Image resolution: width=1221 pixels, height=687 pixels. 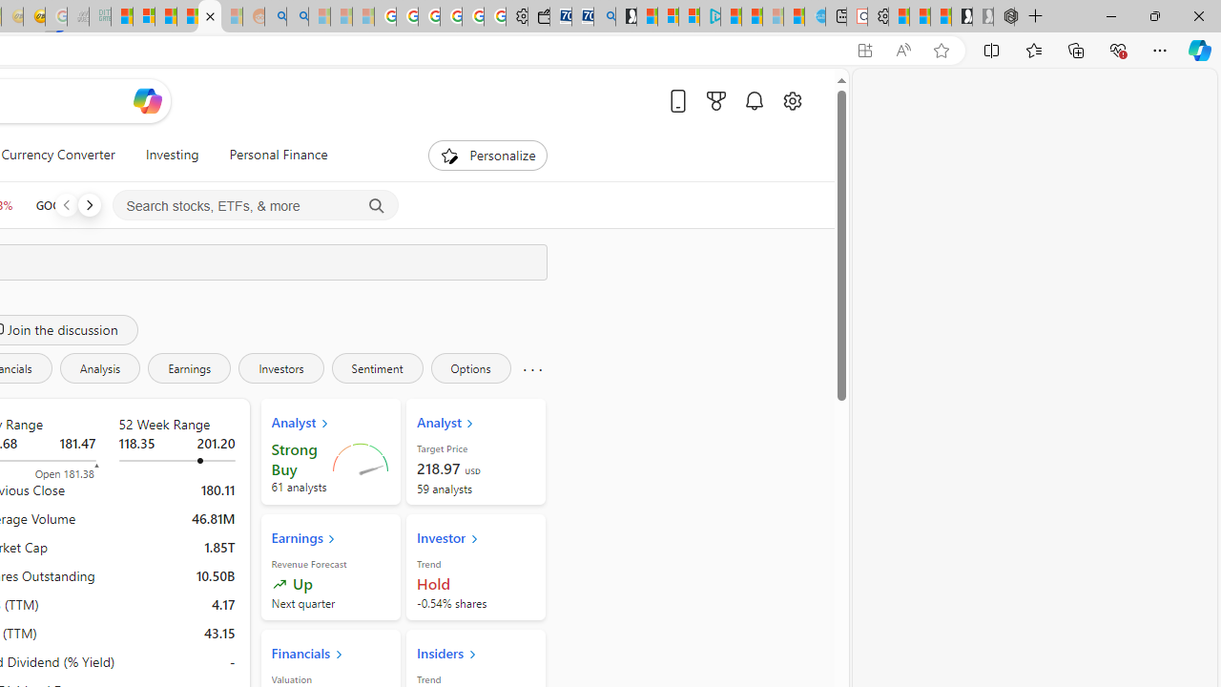 What do you see at coordinates (470, 367) in the screenshot?
I see `'Options'` at bounding box center [470, 367].